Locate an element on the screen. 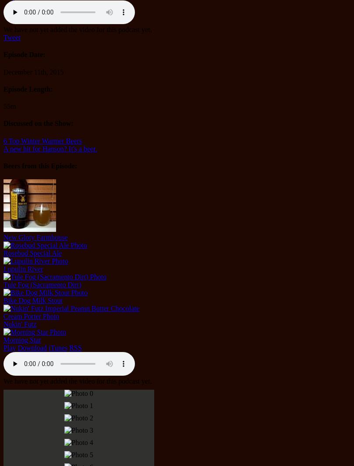 This screenshot has height=466, width=354. 'Discussed on the Show:' is located at coordinates (38, 123).